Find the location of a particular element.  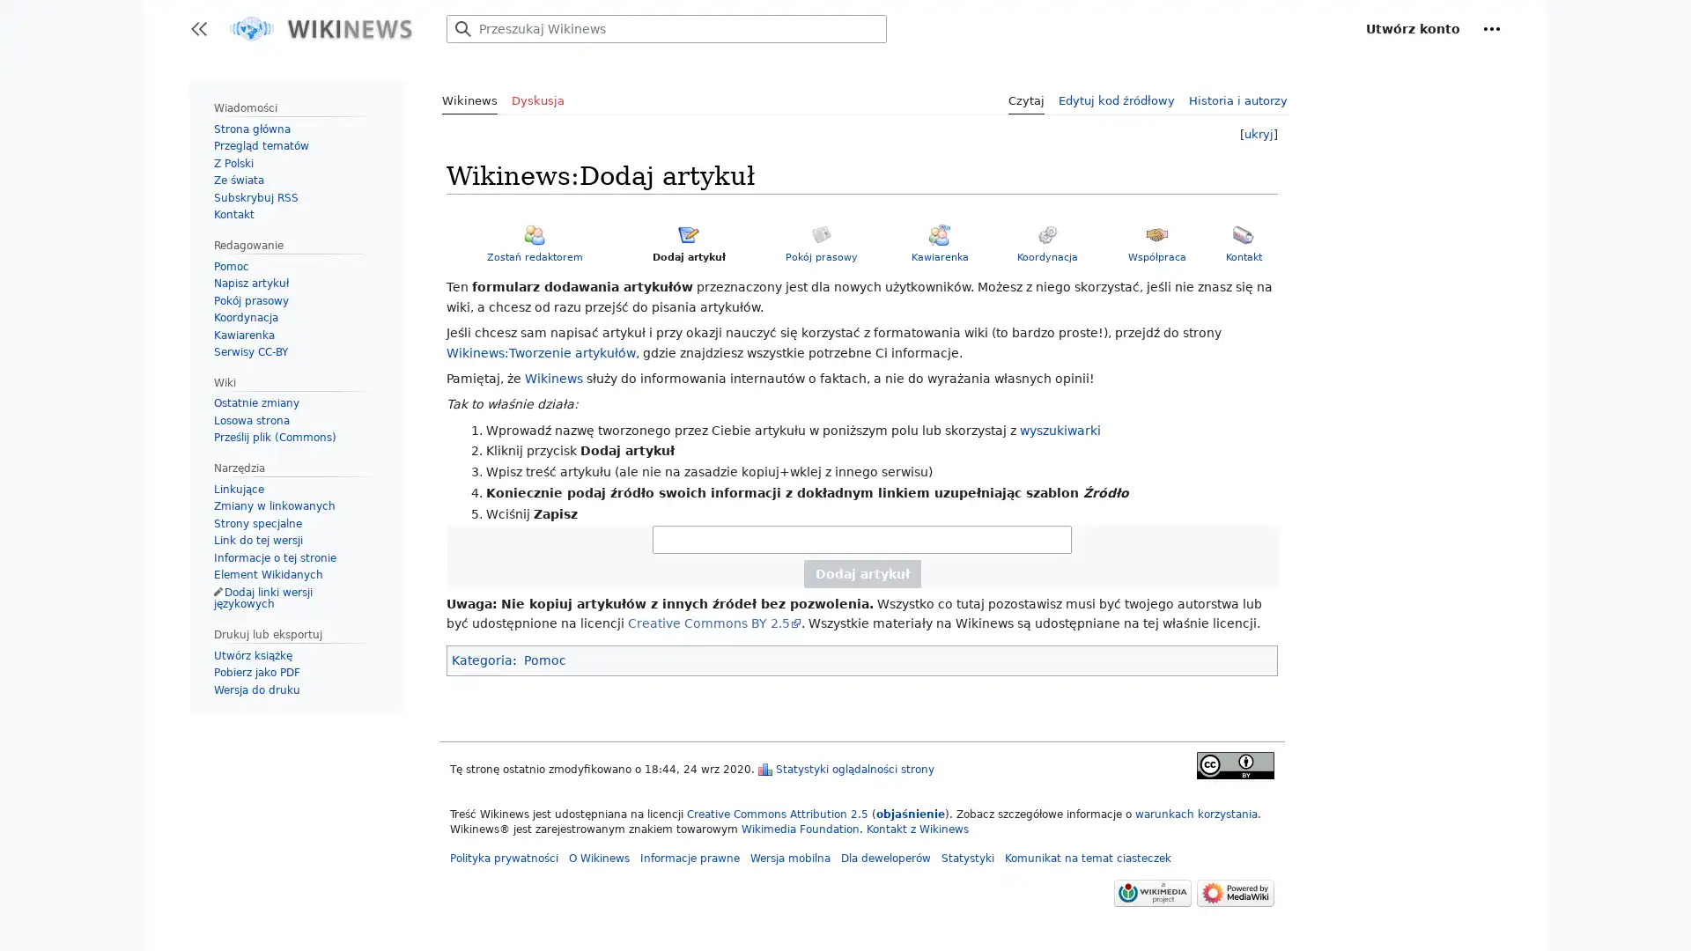

Szukaj is located at coordinates (463, 29).